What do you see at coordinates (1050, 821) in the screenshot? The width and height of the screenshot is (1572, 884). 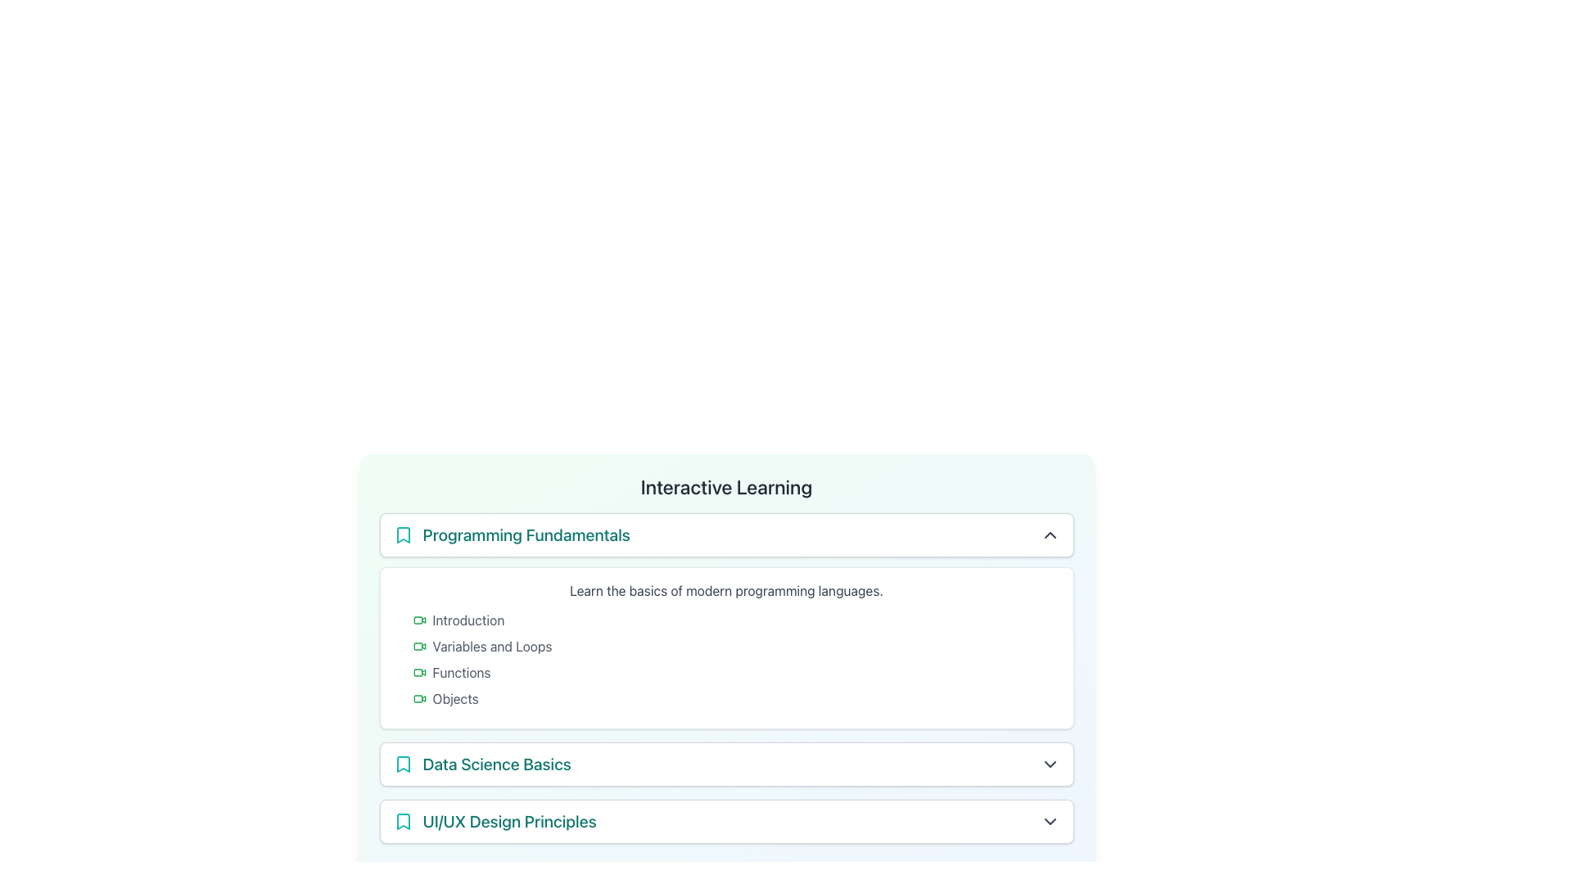 I see `the chevron-down icon, which is a gray downward-pointing arrow located at the far right corner of the 'UI/UX Design Principles' header, for potential visual feedback` at bounding box center [1050, 821].